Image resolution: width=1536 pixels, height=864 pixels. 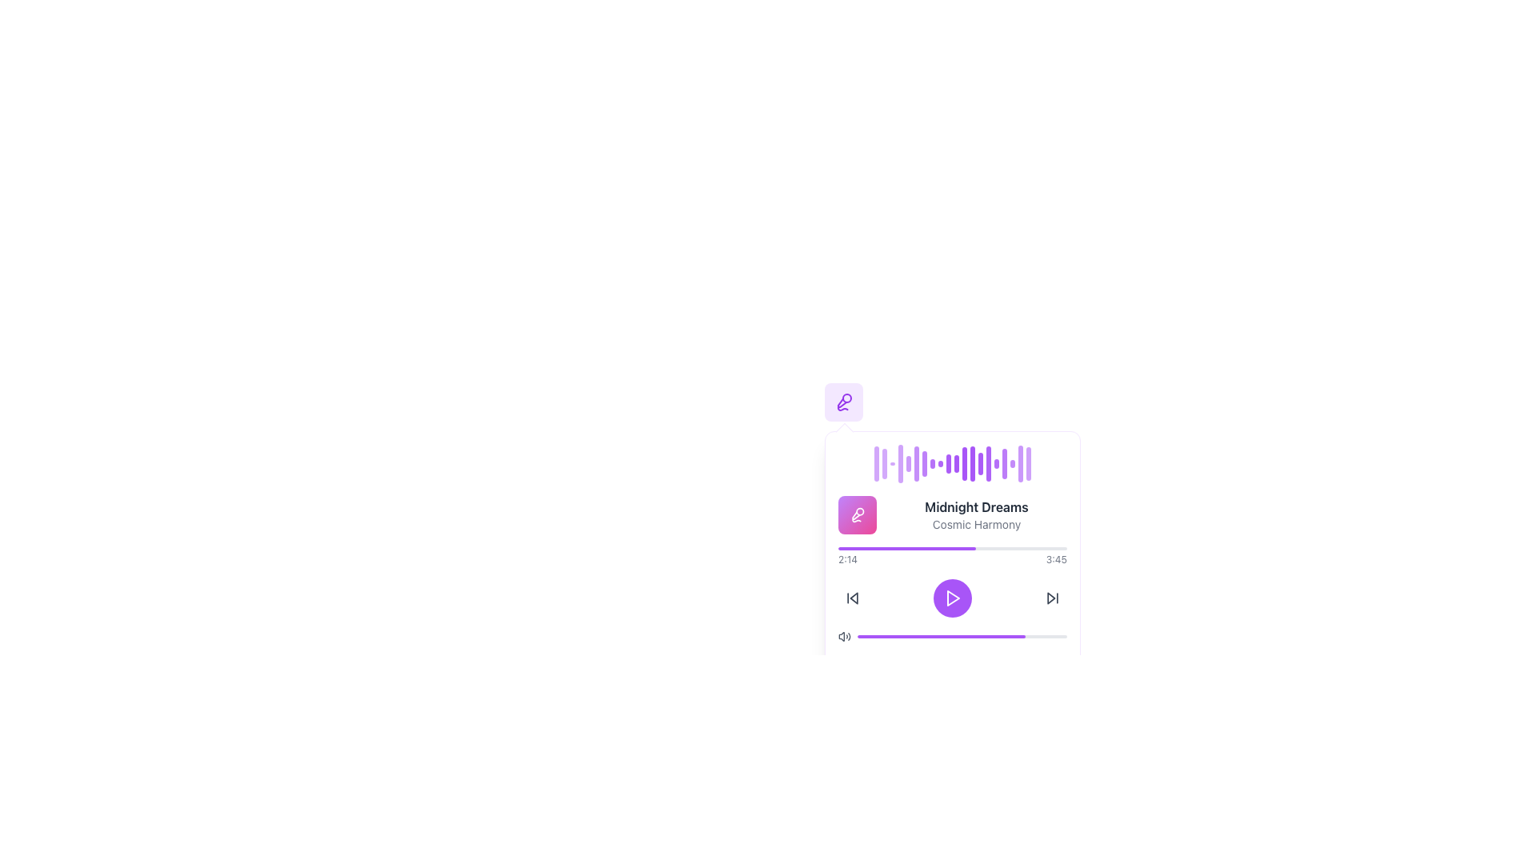 What do you see at coordinates (875, 463) in the screenshot?
I see `the first animated purple bar with rounded ends that is part of a series of pulsating bars above the music playback section` at bounding box center [875, 463].